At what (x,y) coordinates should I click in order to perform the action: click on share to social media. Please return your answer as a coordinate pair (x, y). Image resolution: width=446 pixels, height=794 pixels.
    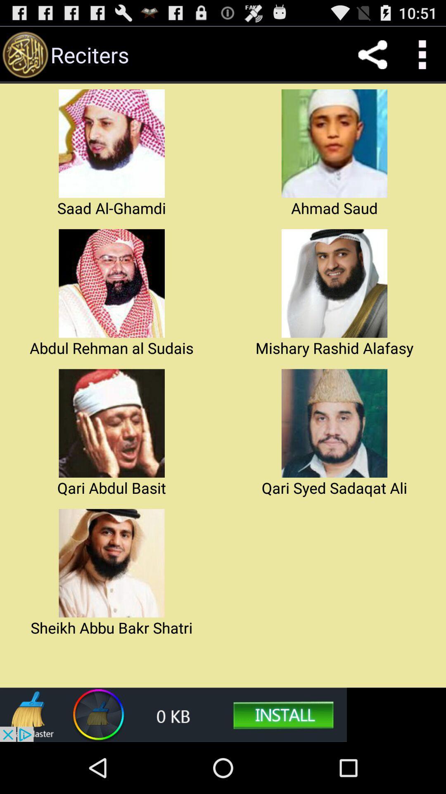
    Looking at the image, I should click on (372, 54).